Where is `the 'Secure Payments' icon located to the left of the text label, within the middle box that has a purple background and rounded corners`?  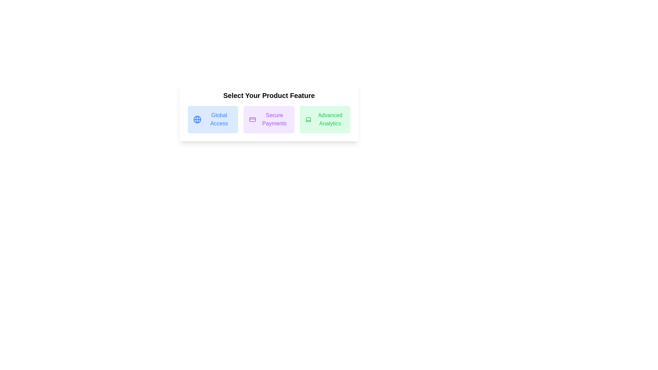 the 'Secure Payments' icon located to the left of the text label, within the middle box that has a purple background and rounded corners is located at coordinates (252, 119).